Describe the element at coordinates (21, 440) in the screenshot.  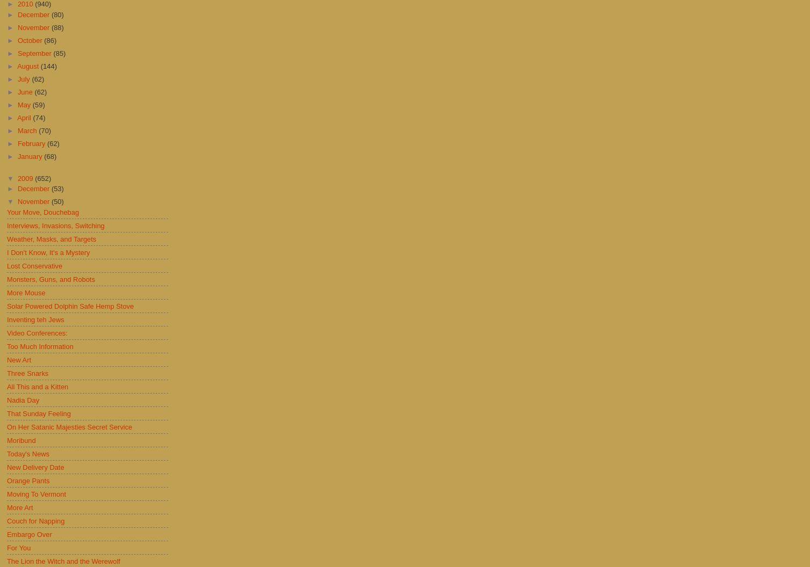
I see `'Moribund'` at that location.